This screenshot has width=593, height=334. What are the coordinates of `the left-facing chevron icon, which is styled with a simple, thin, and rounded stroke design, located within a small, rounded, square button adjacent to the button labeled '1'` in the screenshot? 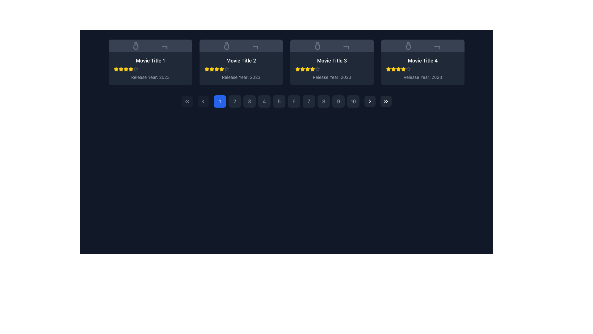 It's located at (203, 101).